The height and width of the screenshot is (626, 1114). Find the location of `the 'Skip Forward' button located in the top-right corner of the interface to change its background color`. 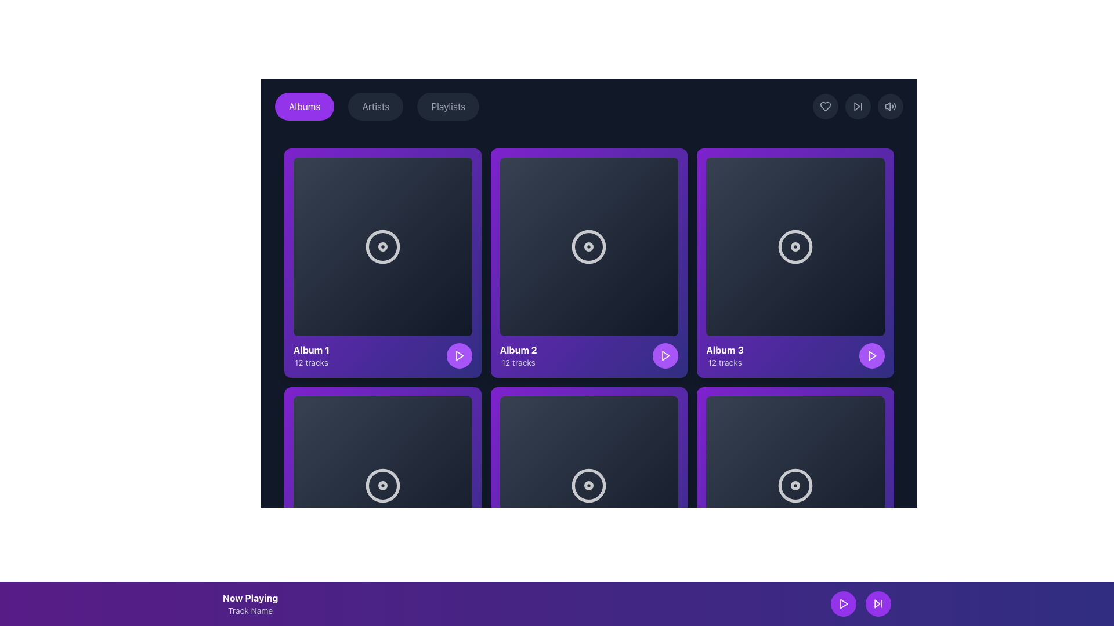

the 'Skip Forward' button located in the top-right corner of the interface to change its background color is located at coordinates (858, 107).